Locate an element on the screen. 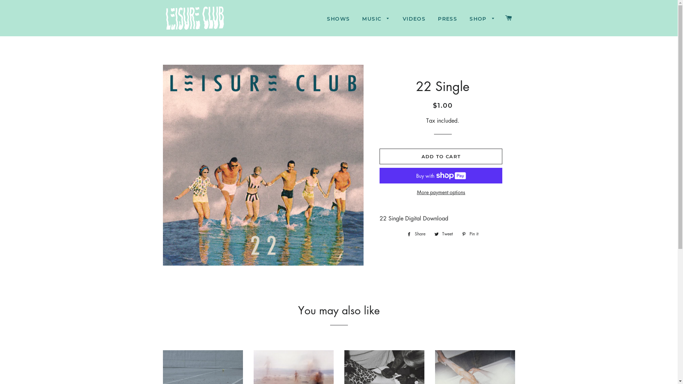 This screenshot has width=683, height=384. 'Pin it is located at coordinates (470, 234).